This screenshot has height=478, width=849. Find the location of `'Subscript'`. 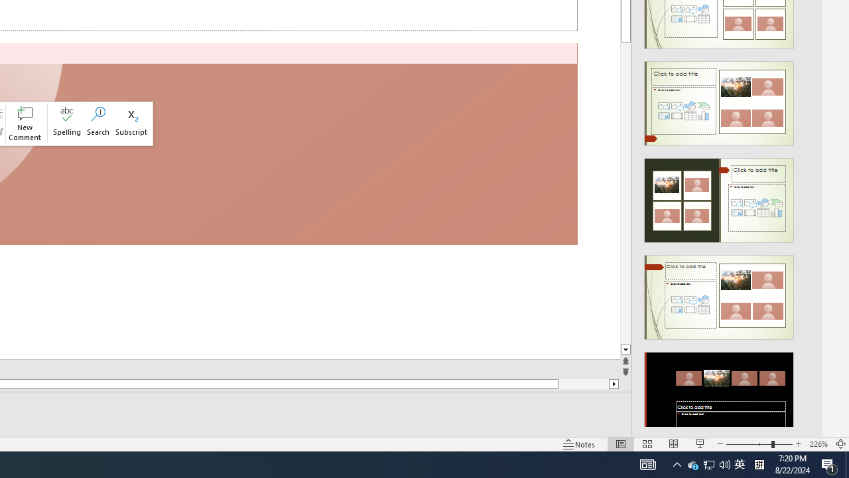

'Subscript' is located at coordinates (131, 123).